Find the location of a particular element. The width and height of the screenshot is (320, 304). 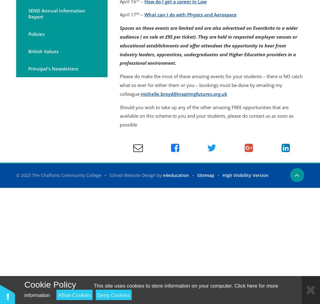

'© 2023 The Chalfonts Community College' is located at coordinates (59, 175).